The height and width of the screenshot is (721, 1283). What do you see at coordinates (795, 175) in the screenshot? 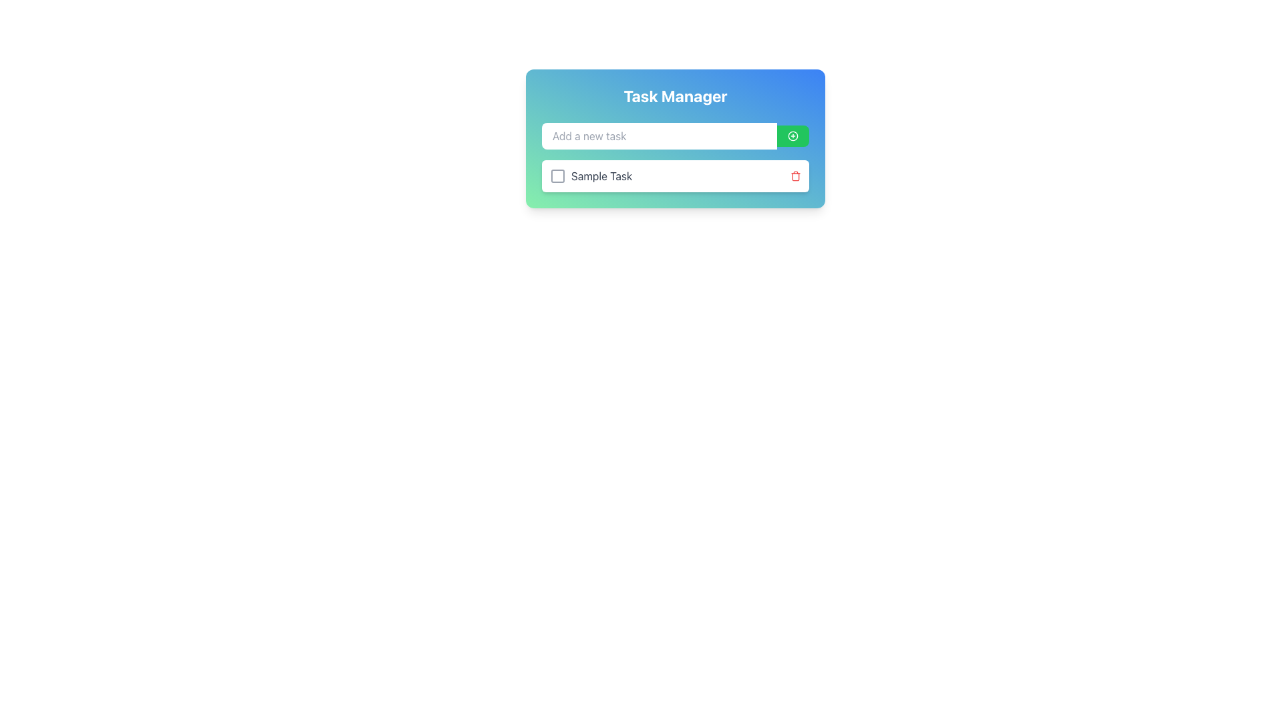
I see `the delete button located at the far-right side of the row next to the 'Sample Task' description` at bounding box center [795, 175].